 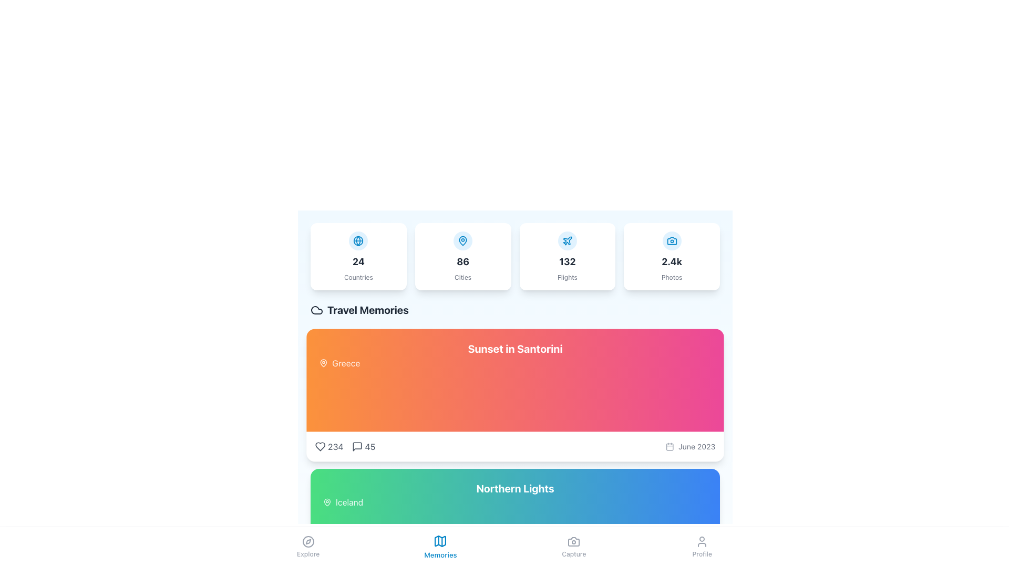 What do you see at coordinates (697, 446) in the screenshot?
I see `the Text label that shows the date or time period related to the content on the card labeled 'Sunset in Santorini', located in the bottom-right corner next to a calendar icon` at bounding box center [697, 446].